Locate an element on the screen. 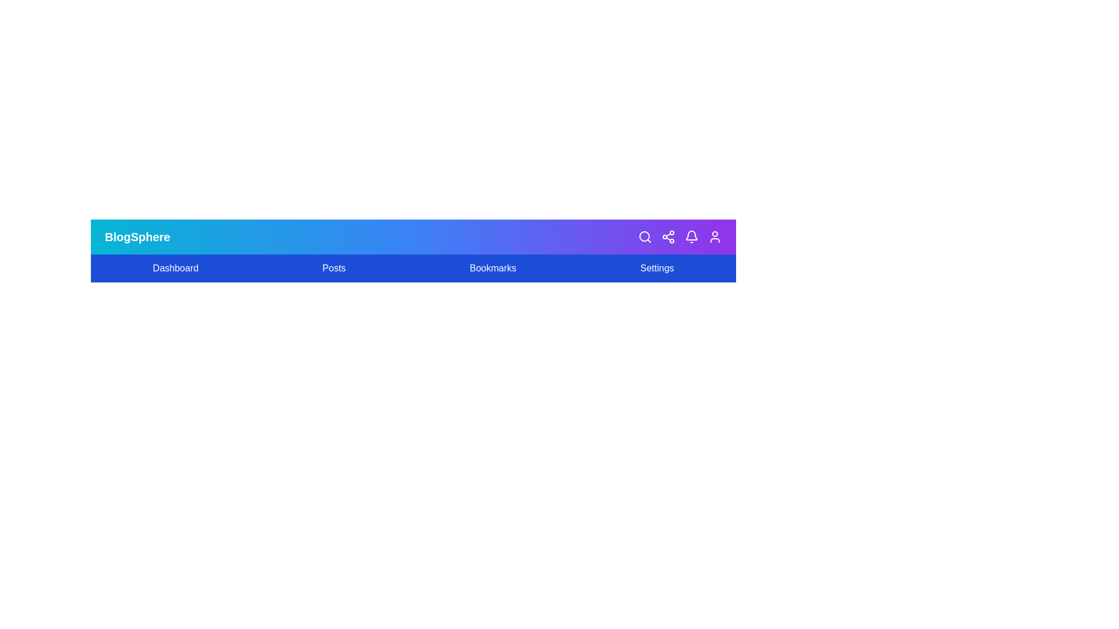  the 'Bookmarks' menu item to view bookmarks is located at coordinates (492, 268).